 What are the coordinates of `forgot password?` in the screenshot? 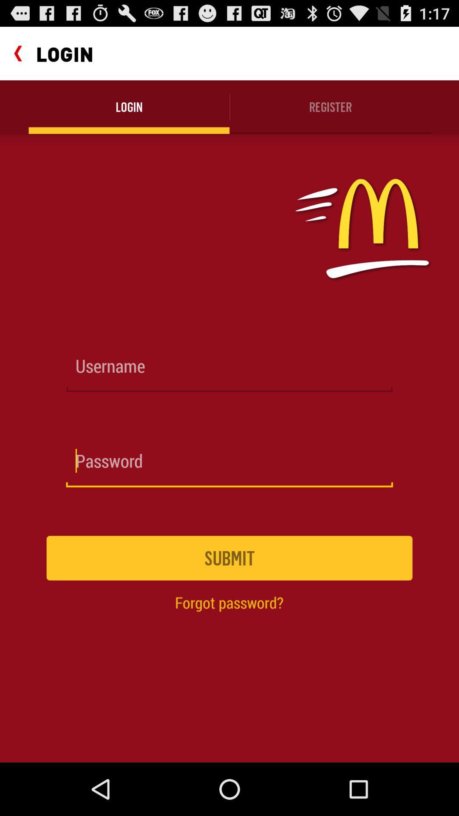 It's located at (229, 602).